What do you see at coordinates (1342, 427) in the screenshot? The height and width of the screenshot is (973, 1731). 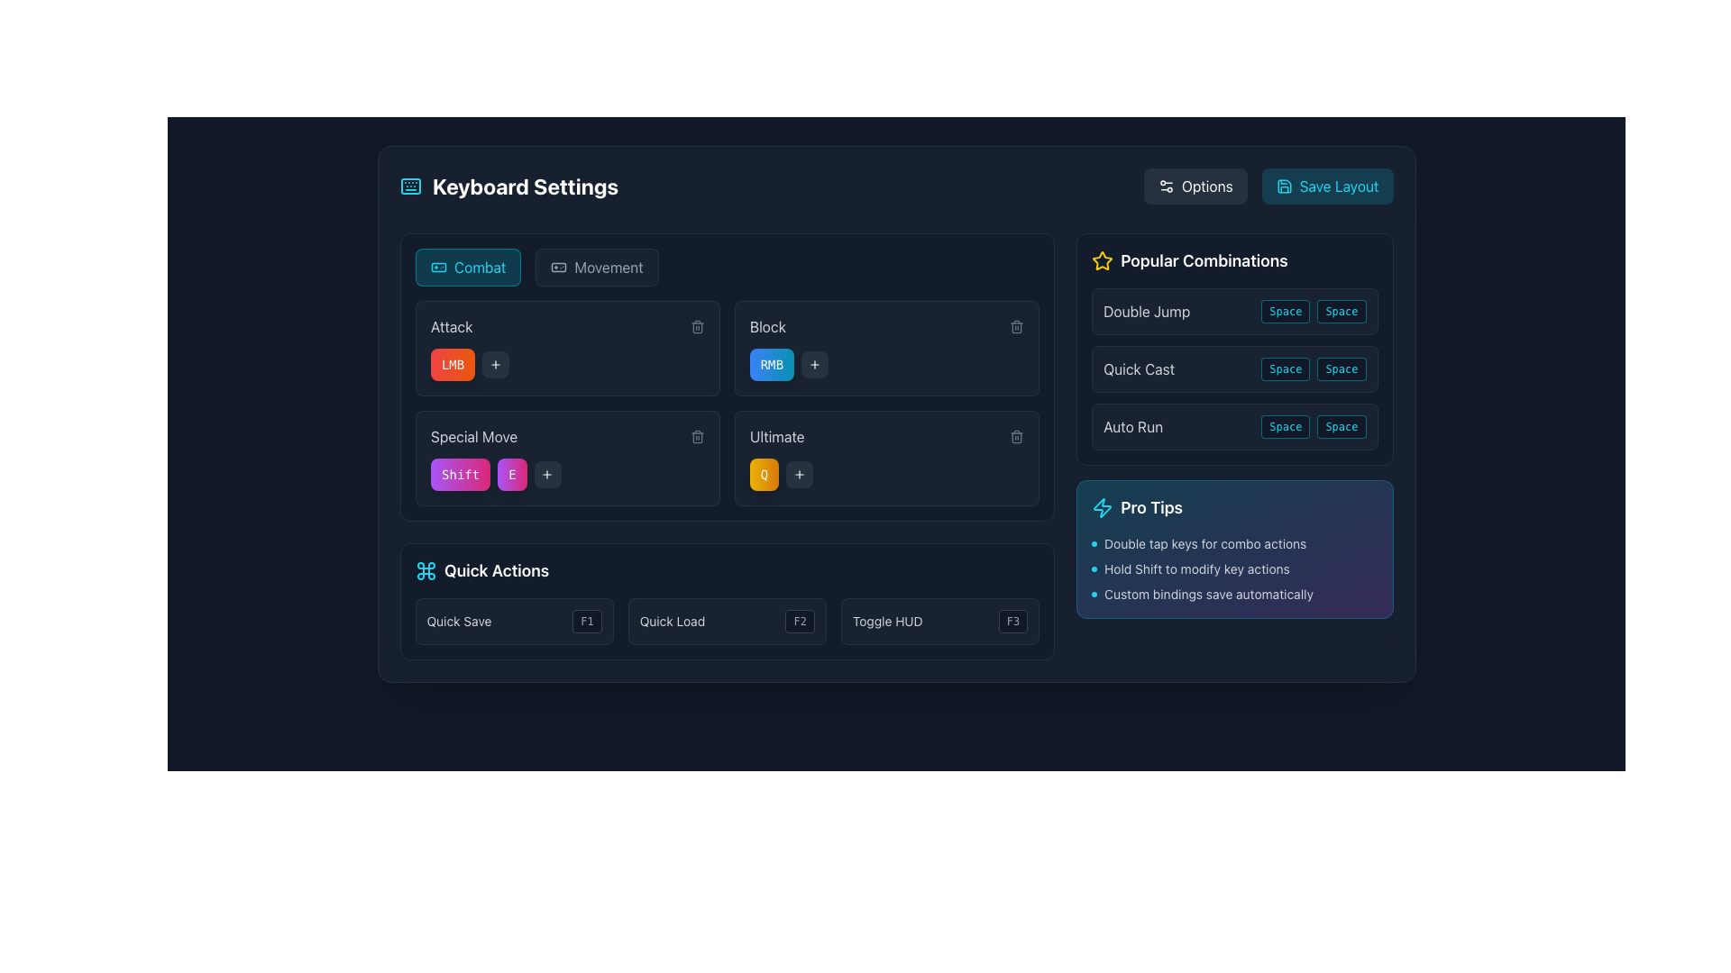 I see `the second 'Space' button, which is a small rectangular button with a dark gray background and cyan text, located in the 'Auto Run' entry of the 'Popular Combinations' section` at bounding box center [1342, 427].